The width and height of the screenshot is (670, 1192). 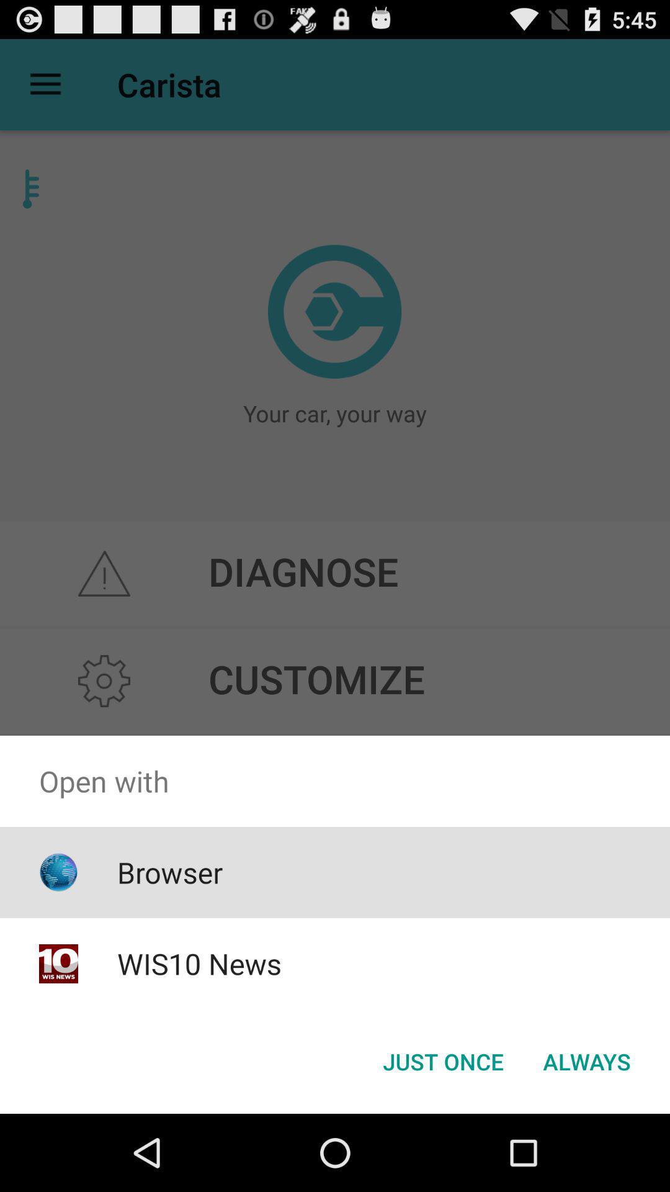 What do you see at coordinates (442, 1060) in the screenshot?
I see `the icon at the bottom` at bounding box center [442, 1060].